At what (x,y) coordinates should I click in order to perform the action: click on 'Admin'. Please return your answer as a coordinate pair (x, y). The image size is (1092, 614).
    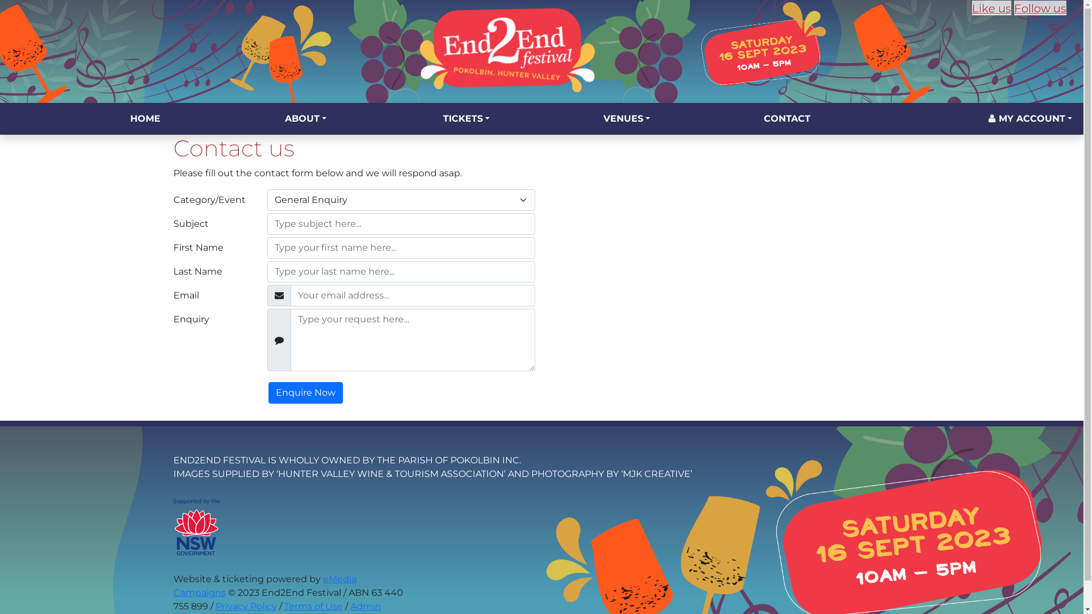
    Looking at the image, I should click on (366, 605).